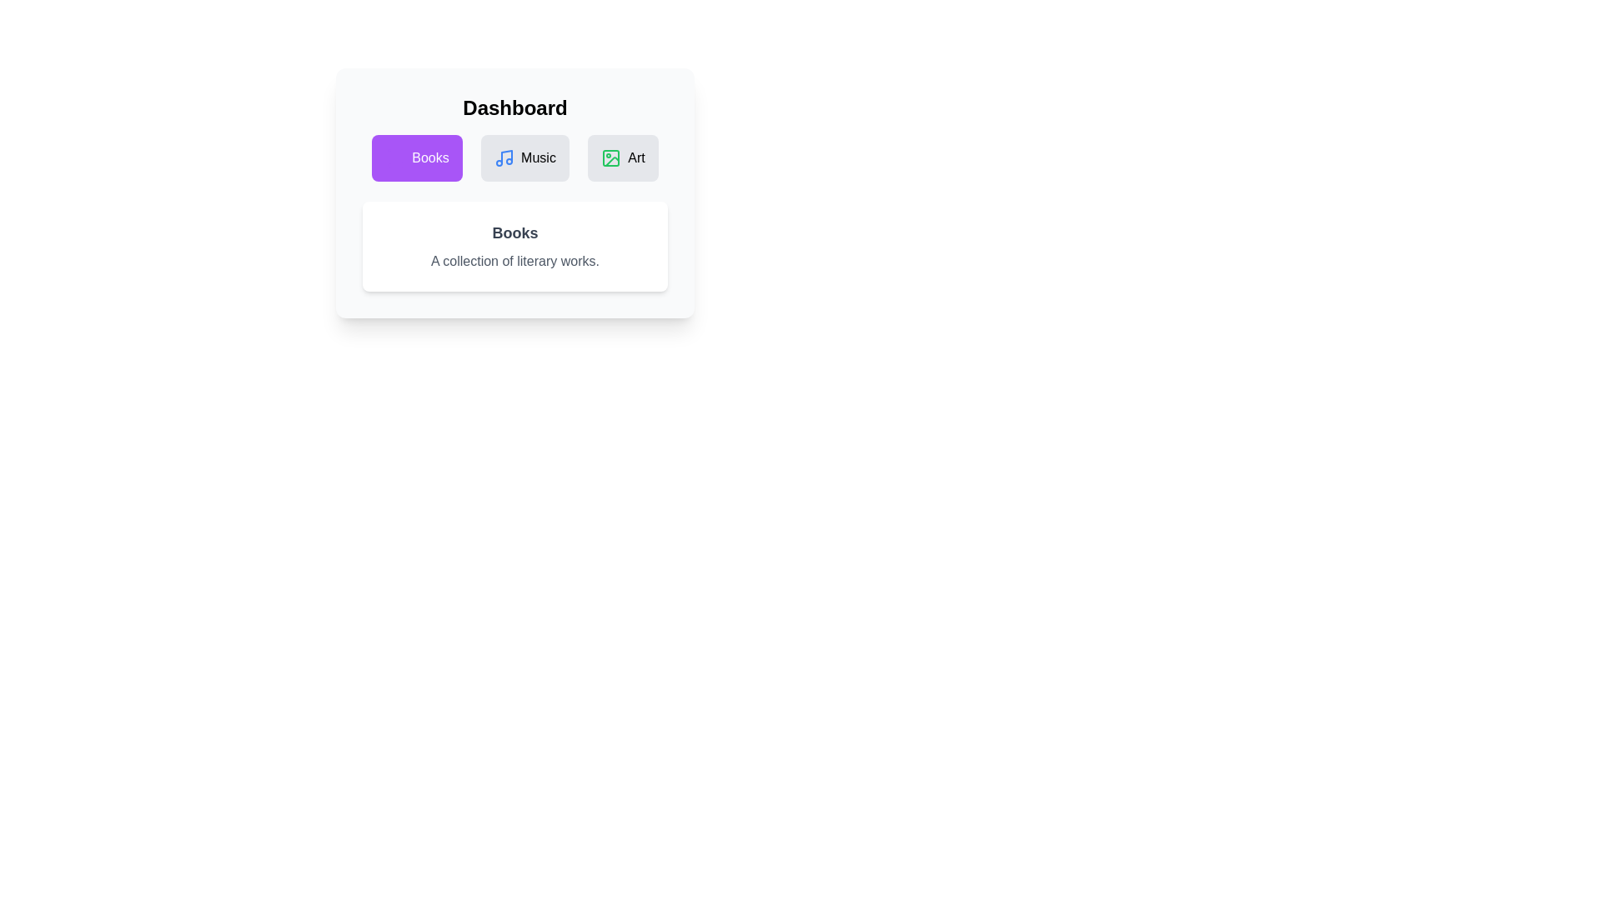 The image size is (1601, 900). What do you see at coordinates (524, 157) in the screenshot?
I see `the tab icon corresponding to Music` at bounding box center [524, 157].